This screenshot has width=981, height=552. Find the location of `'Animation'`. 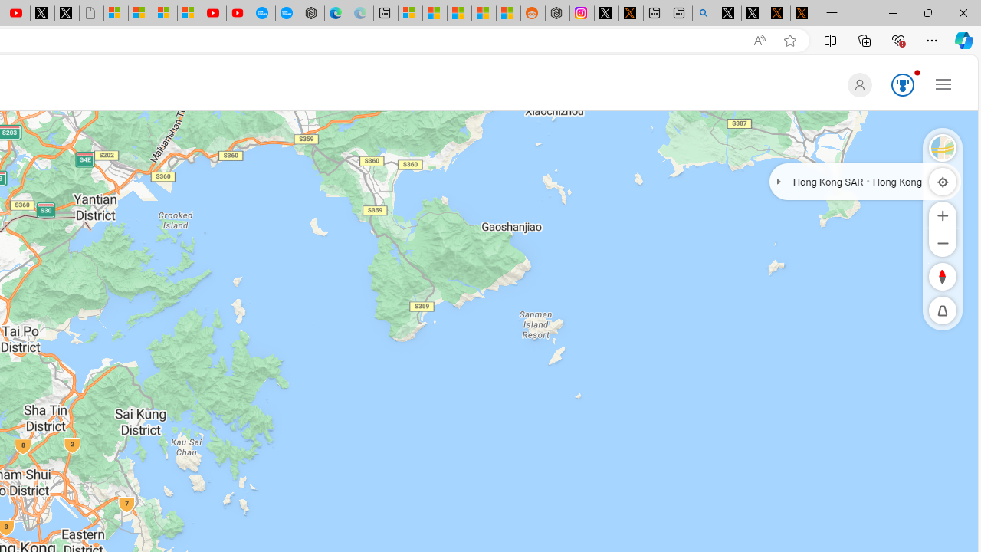

'Animation' is located at coordinates (917, 73).